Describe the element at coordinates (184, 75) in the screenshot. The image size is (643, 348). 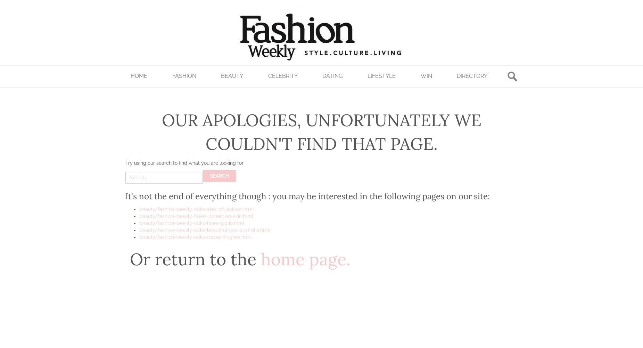
I see `'Fashion'` at that location.